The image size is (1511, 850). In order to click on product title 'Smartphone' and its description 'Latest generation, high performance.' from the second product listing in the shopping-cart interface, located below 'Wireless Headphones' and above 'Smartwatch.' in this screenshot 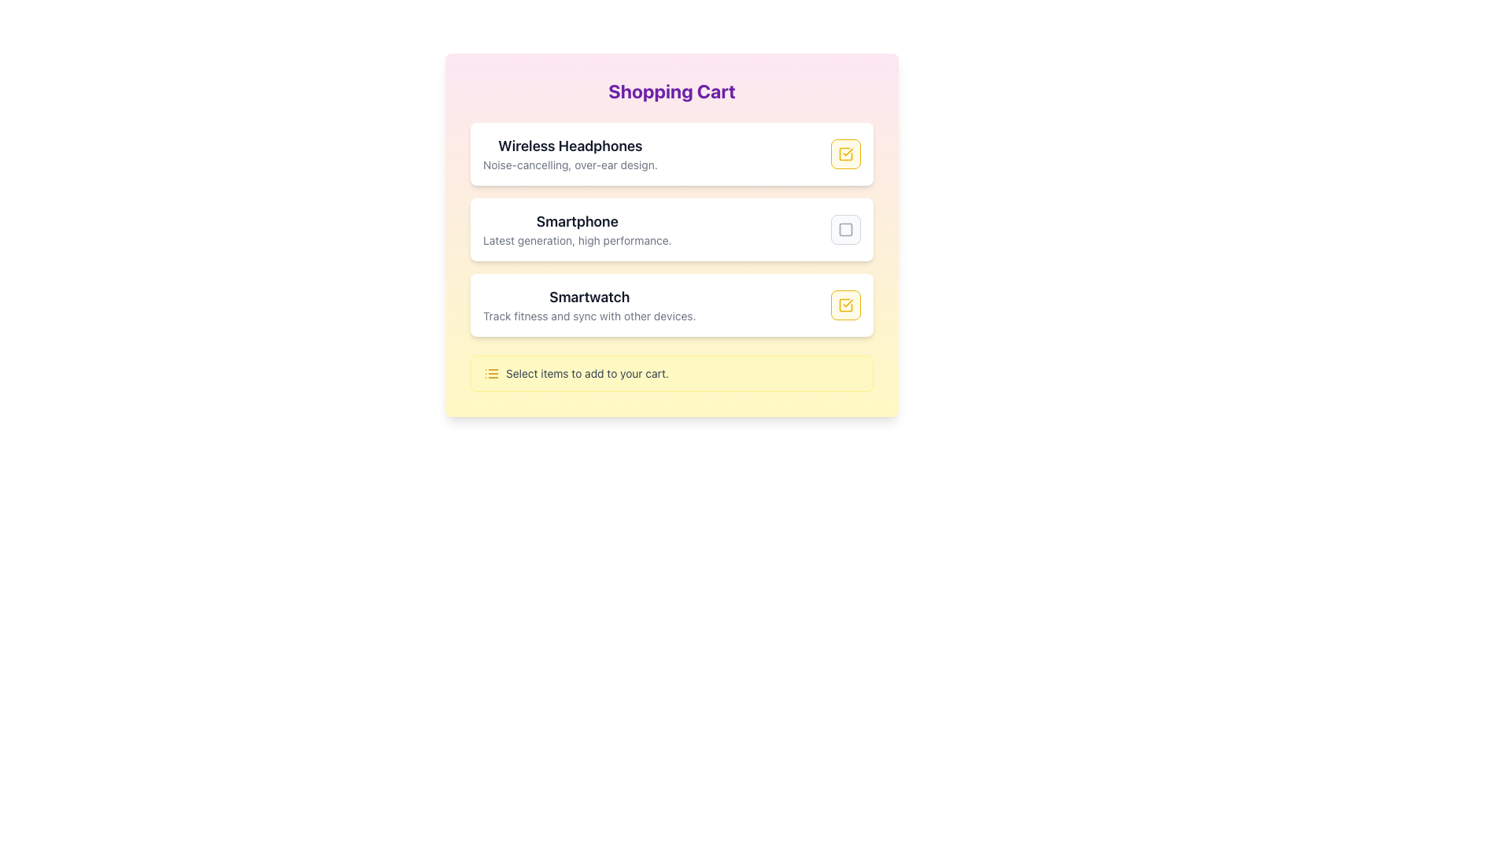, I will do `click(672, 230)`.